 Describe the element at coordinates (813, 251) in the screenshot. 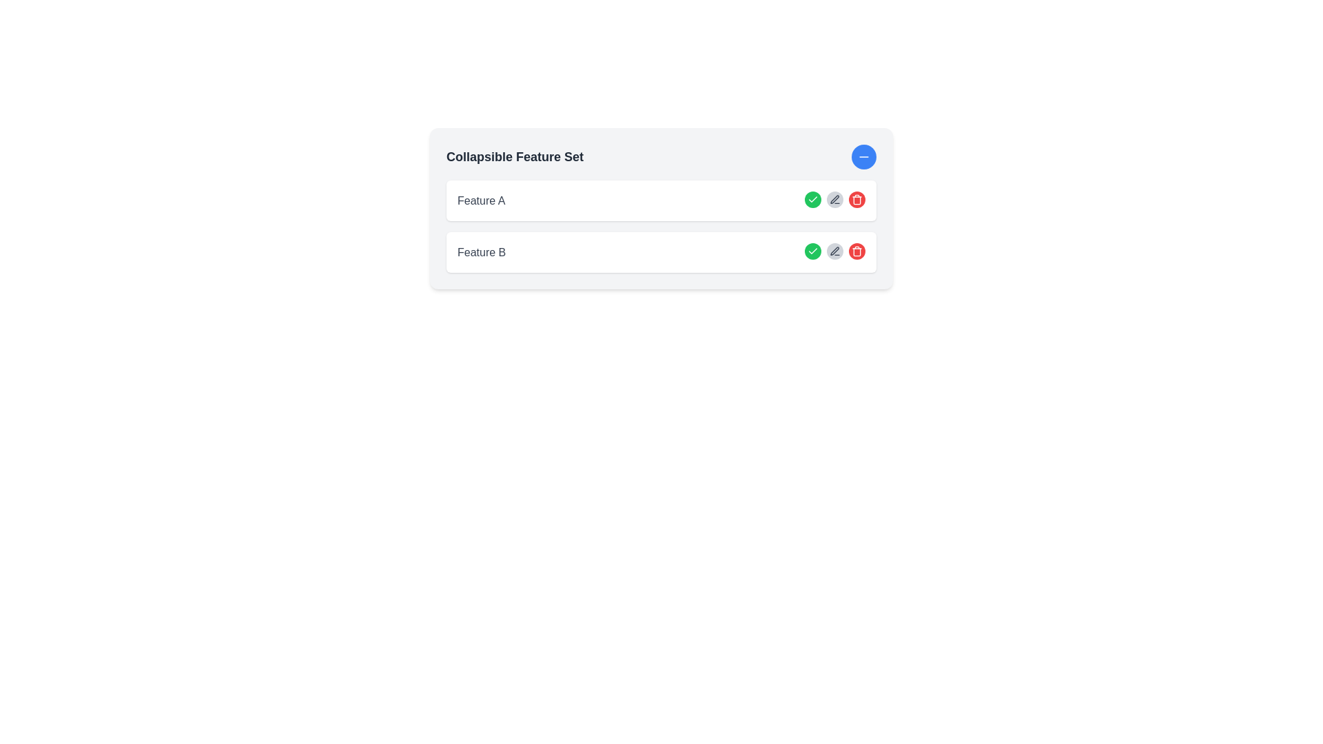

I see `the confirmation icon within the green circular button located on the leftmost side of the row labeled 'Feature A'` at that location.